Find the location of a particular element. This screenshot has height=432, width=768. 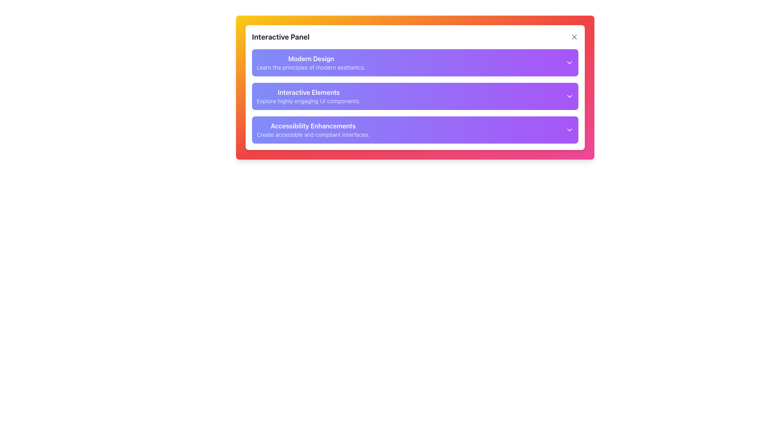

the downward-facing arrow icon on the purple background in the top-right corner of the 'Interactive Elements' card is located at coordinates (569, 96).